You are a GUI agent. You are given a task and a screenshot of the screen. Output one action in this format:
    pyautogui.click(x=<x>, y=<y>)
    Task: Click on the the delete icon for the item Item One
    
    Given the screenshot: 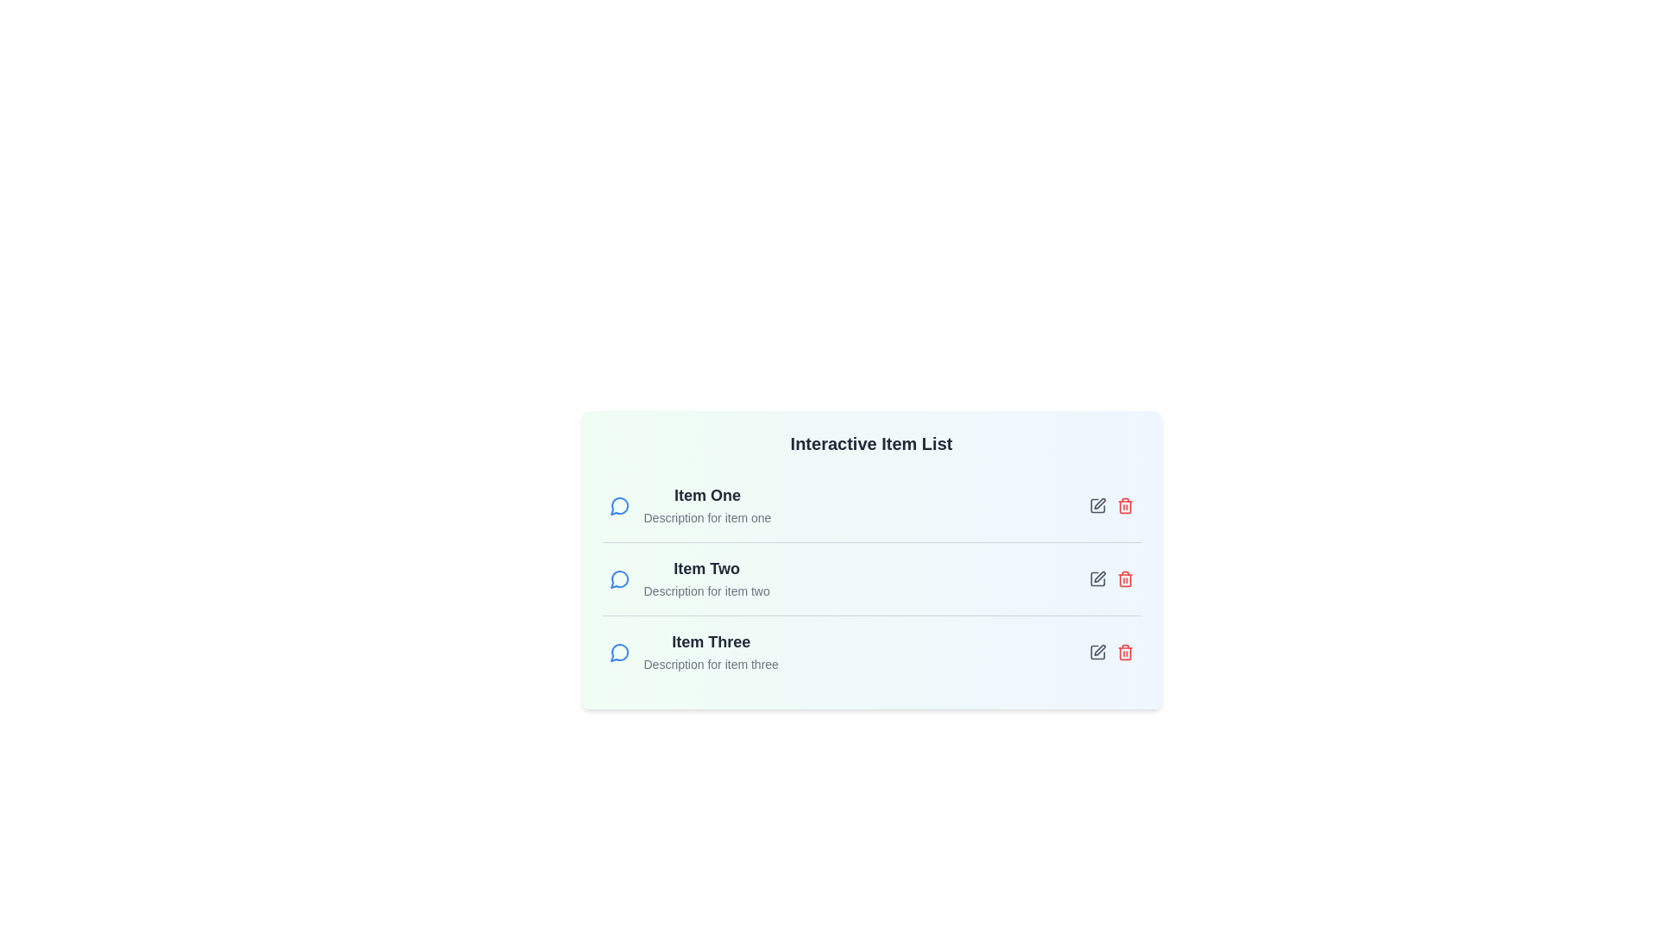 What is the action you would take?
    pyautogui.click(x=1125, y=504)
    